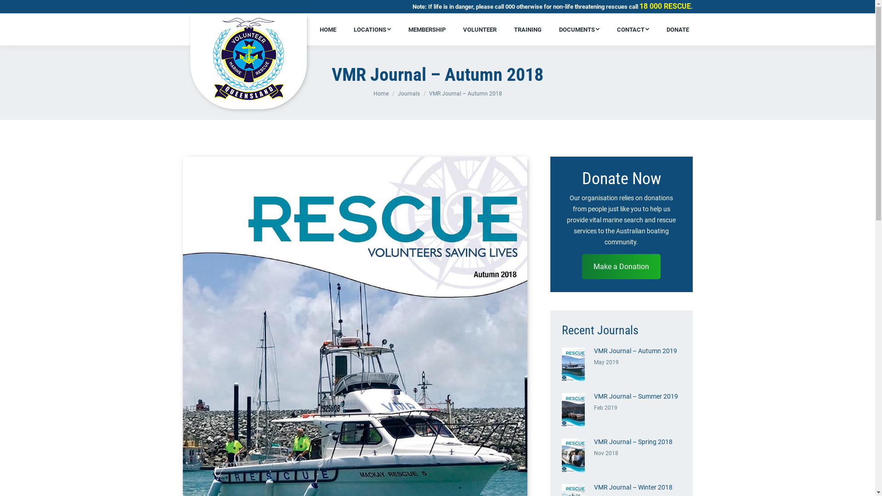 The image size is (882, 496). What do you see at coordinates (372, 29) in the screenshot?
I see `'LOCATIONS'` at bounding box center [372, 29].